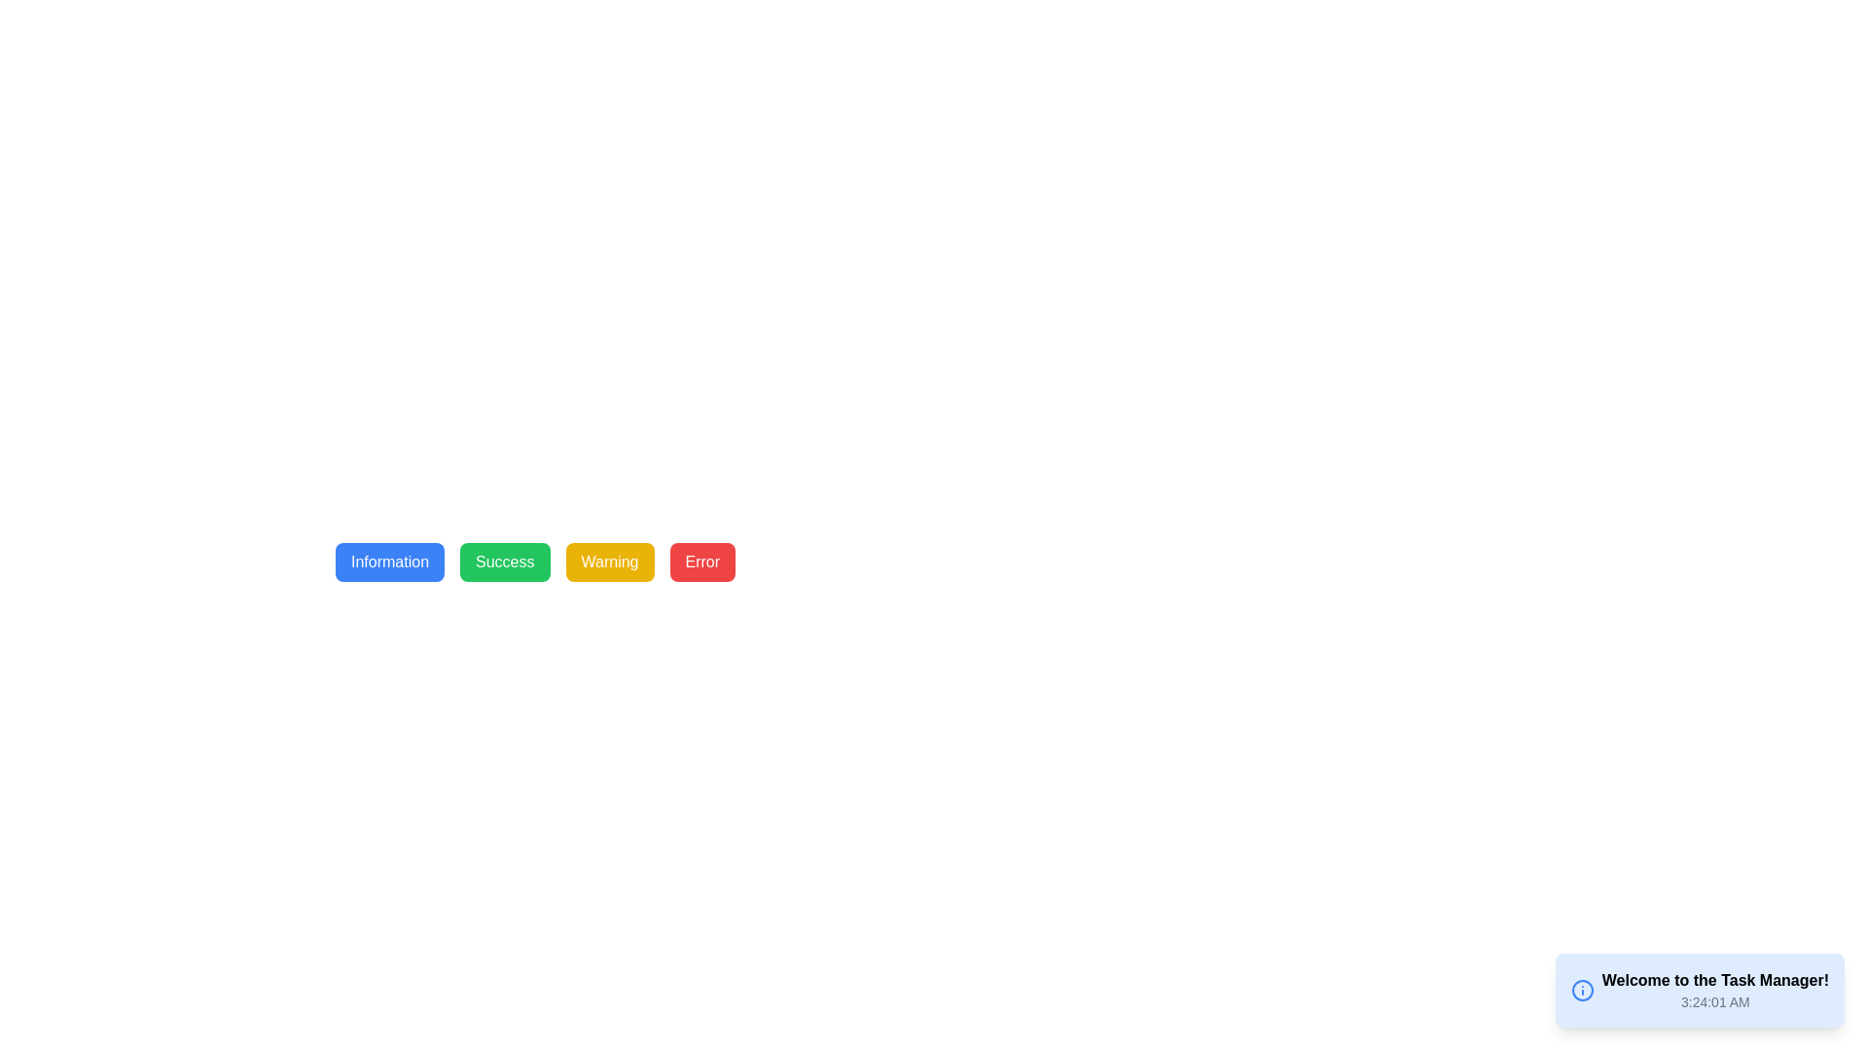 This screenshot has width=1868, height=1051. What do you see at coordinates (389, 562) in the screenshot?
I see `the 'Information' button, which is a rectangular button with rounded corners, styled with a blue background and white text, to invoke its action` at bounding box center [389, 562].